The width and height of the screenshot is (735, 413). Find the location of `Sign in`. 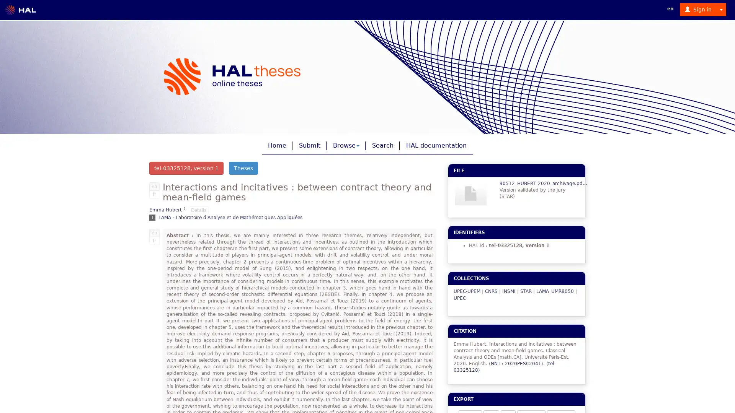

Sign in is located at coordinates (698, 9).